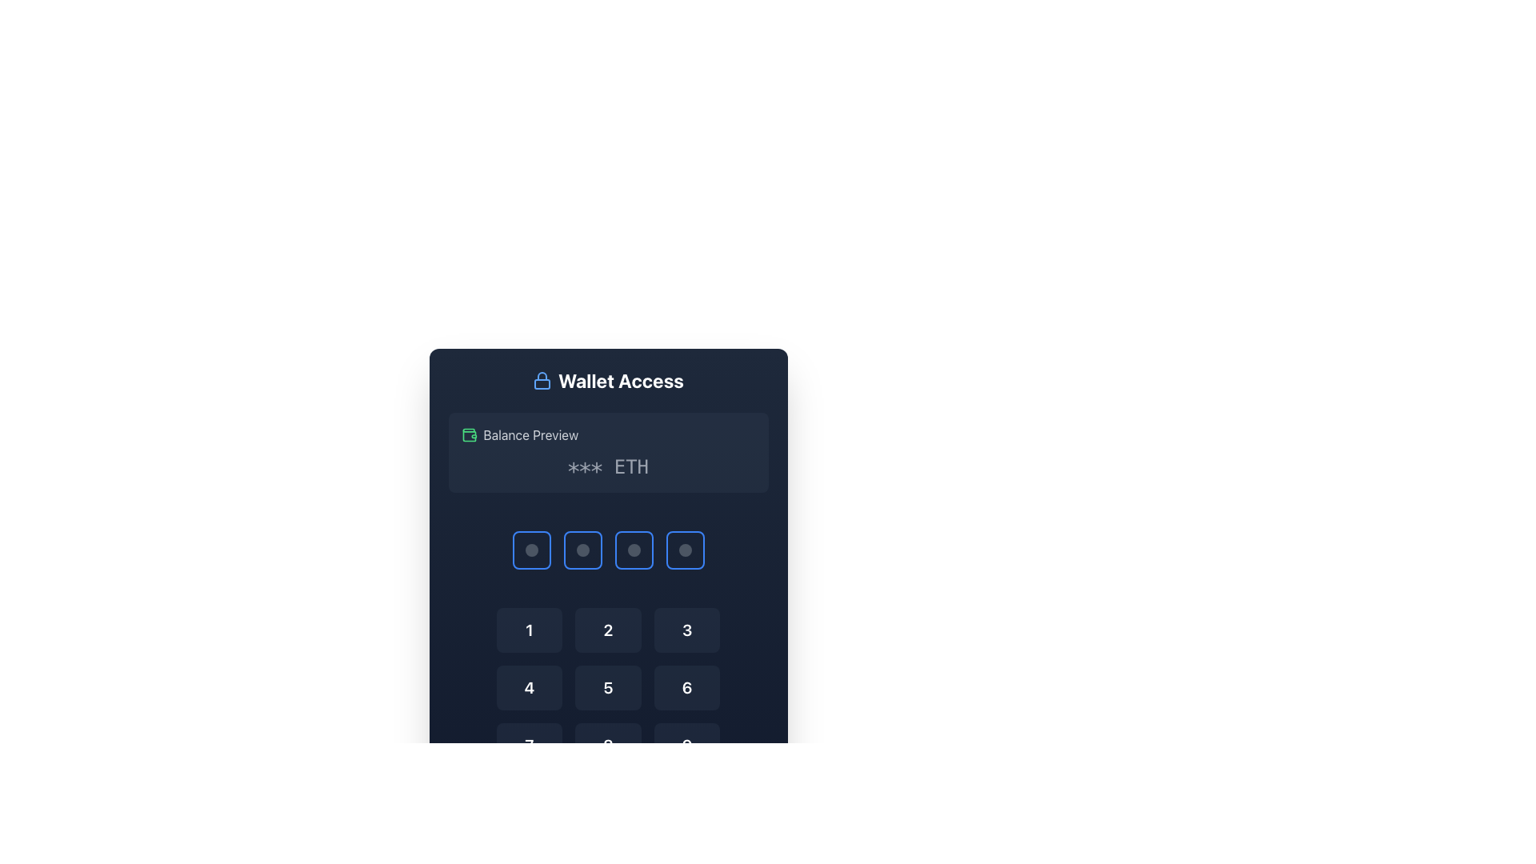  Describe the element at coordinates (620, 380) in the screenshot. I see `text from the title label indicating wallet access features, which is positioned centrally in the card-like UI module` at that location.